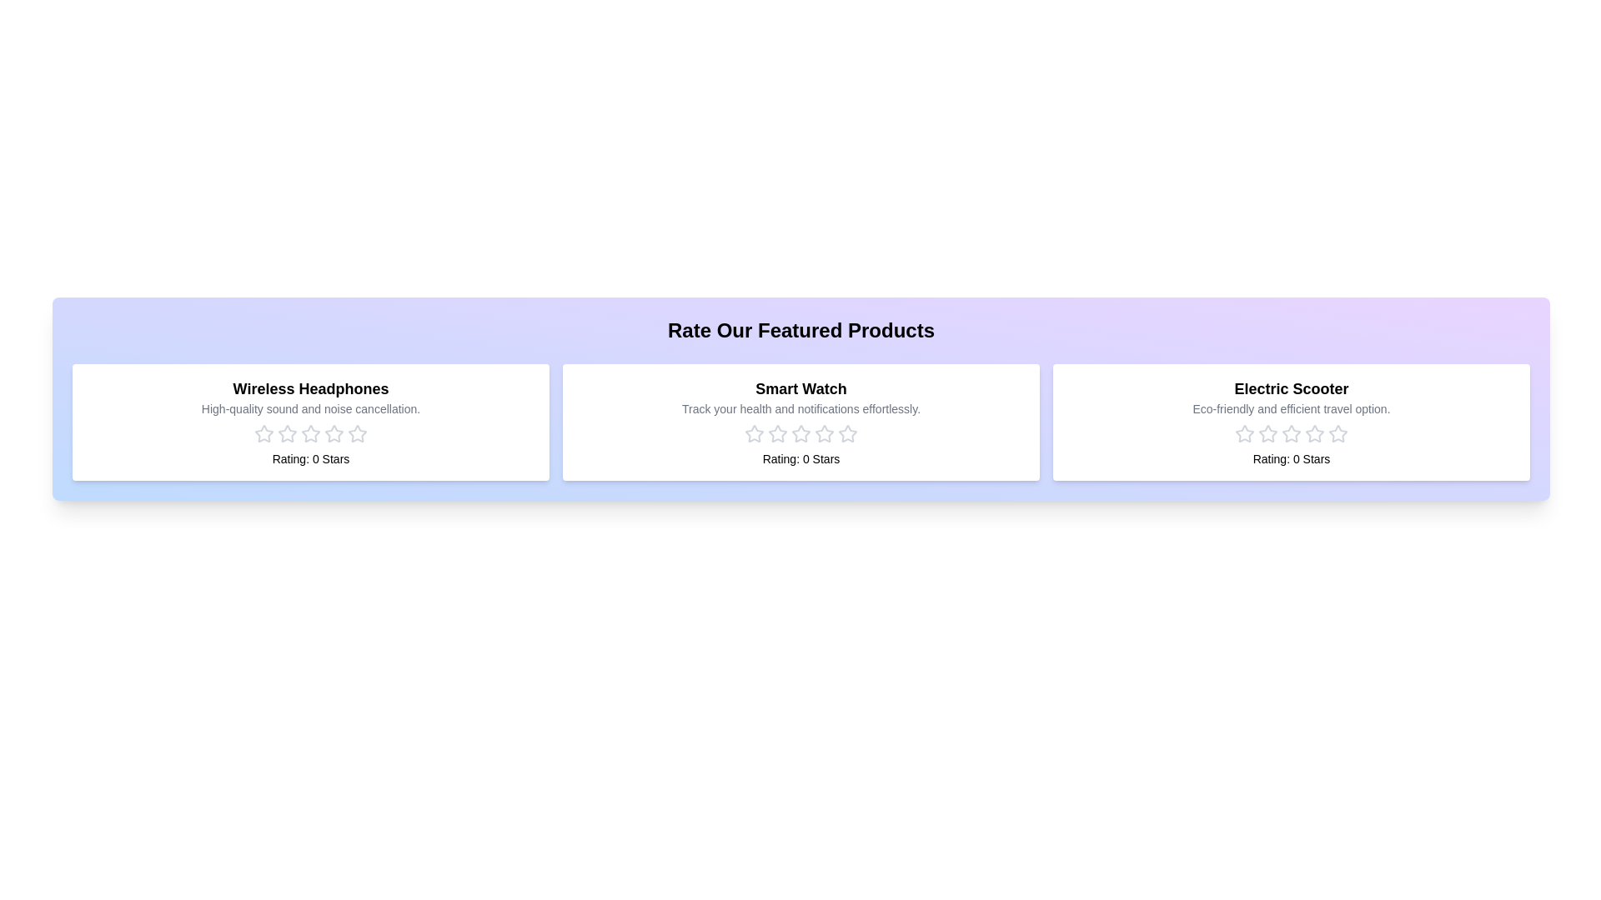 This screenshot has width=1601, height=900. What do you see at coordinates (1267, 432) in the screenshot?
I see `the rating for the product 'Electric Scooter' to 2 stars by clicking on the corresponding star` at bounding box center [1267, 432].